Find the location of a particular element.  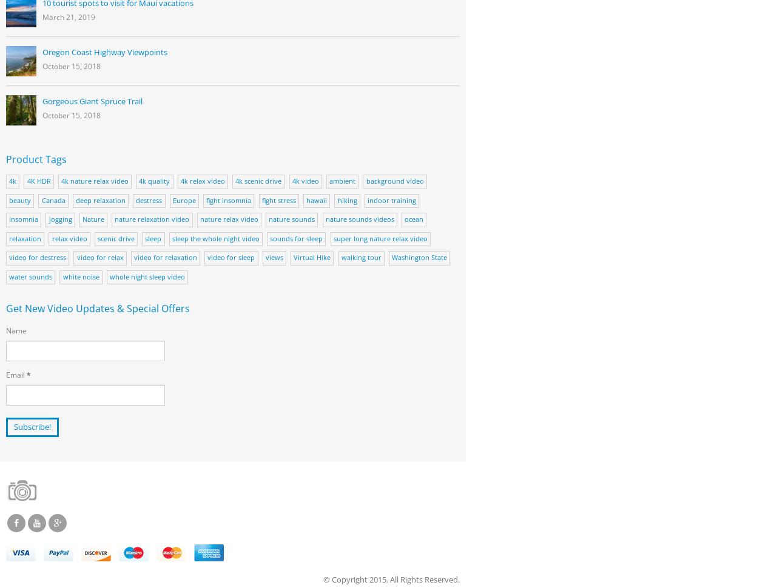

'whole night sleep video' is located at coordinates (109, 275).